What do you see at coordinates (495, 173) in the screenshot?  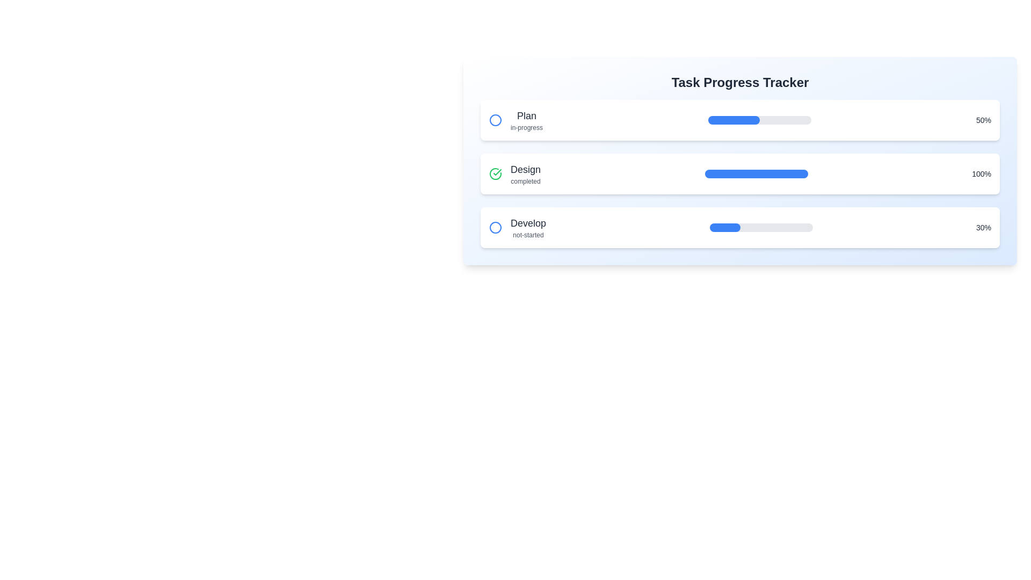 I see `the progress confirmation icon located in the second row of the task progress tracker next to the text 'Design'` at bounding box center [495, 173].